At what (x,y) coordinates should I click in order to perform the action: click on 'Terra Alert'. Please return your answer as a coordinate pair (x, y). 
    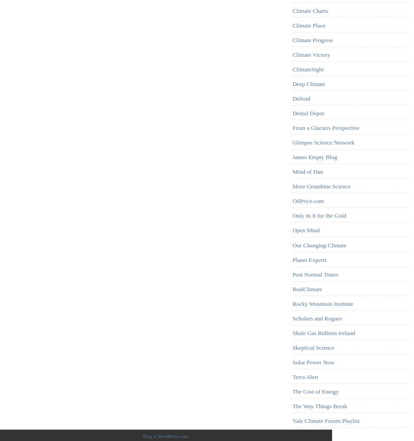
    Looking at the image, I should click on (305, 377).